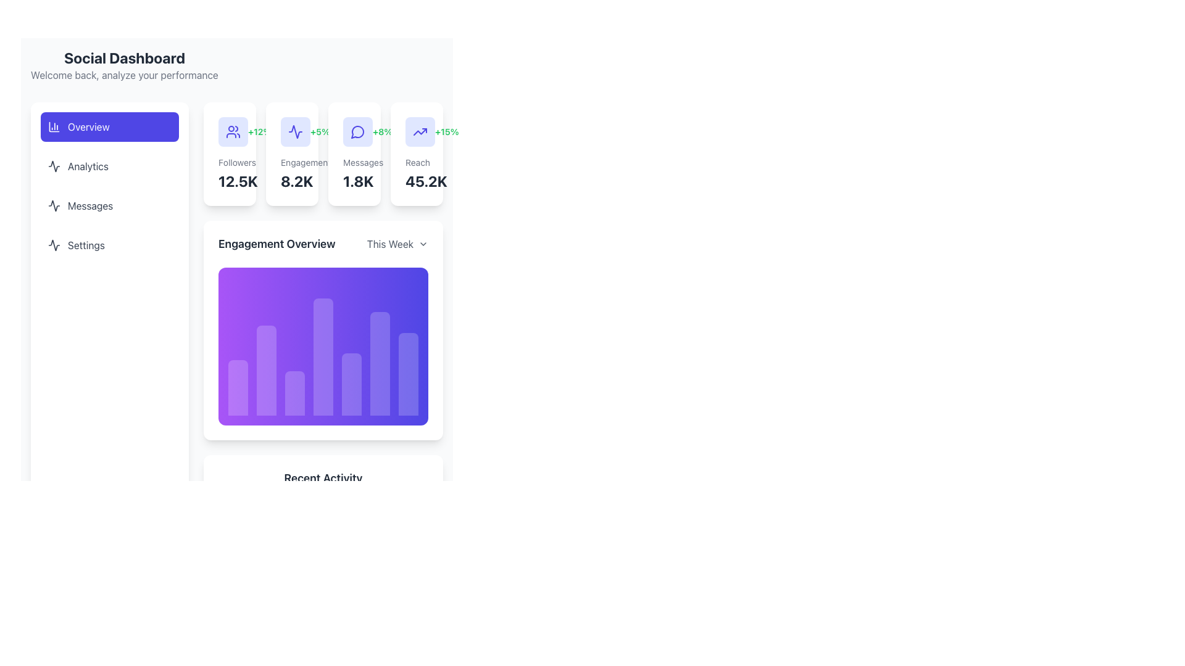 This screenshot has height=666, width=1185. What do you see at coordinates (109, 186) in the screenshot?
I see `the second menu item in the vertical navigation menu that leads to the Analytics page, located directly below the active 'Overview' item` at bounding box center [109, 186].